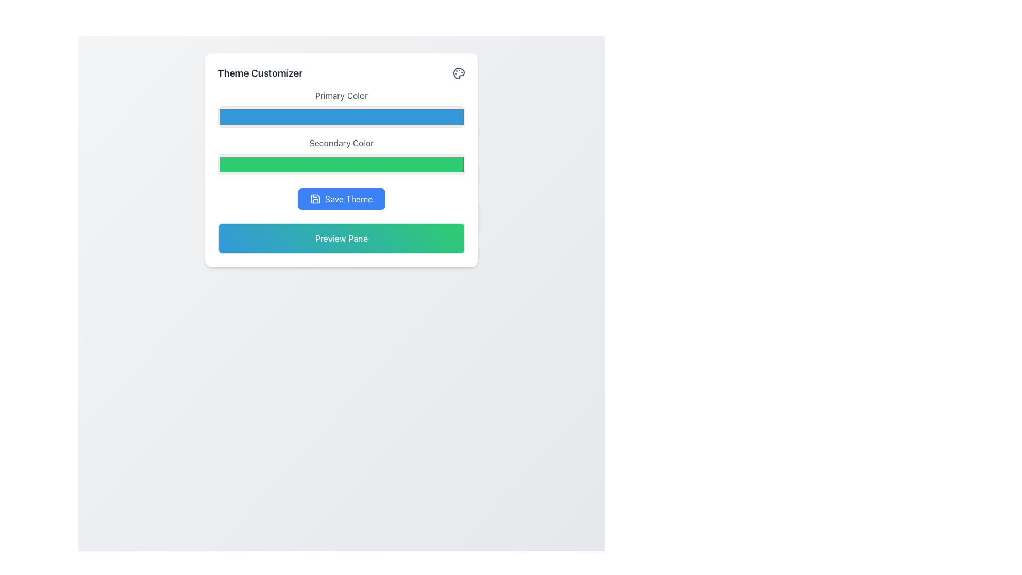 The width and height of the screenshot is (1022, 575). Describe the element at coordinates (341, 199) in the screenshot. I see `the 'Save Theme' button, which is a rectangular button with a blue background and rounded edges, located in the lower section of the 'Theme Customizer' panel, above the 'Preview Pane'` at that location.